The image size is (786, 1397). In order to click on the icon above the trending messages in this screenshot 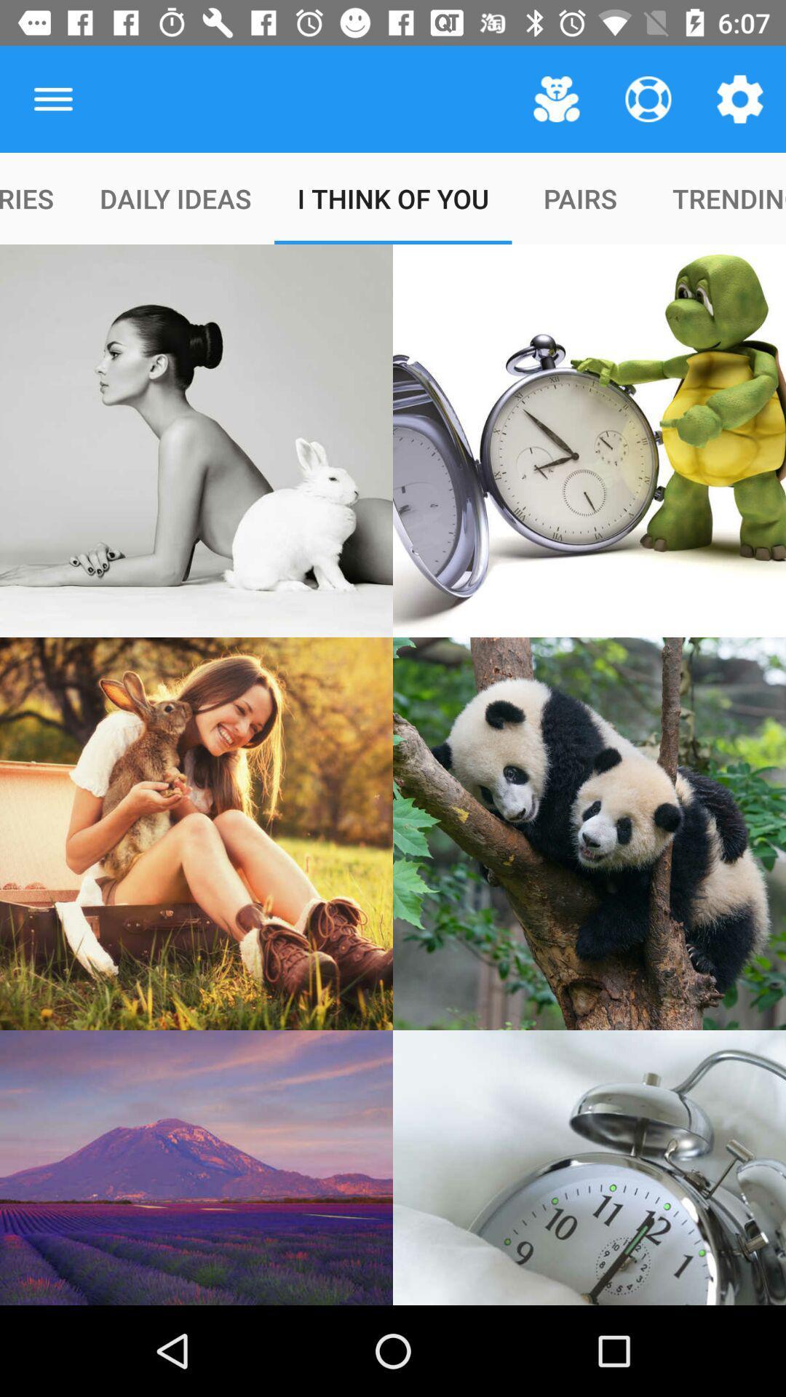, I will do `click(740, 98)`.